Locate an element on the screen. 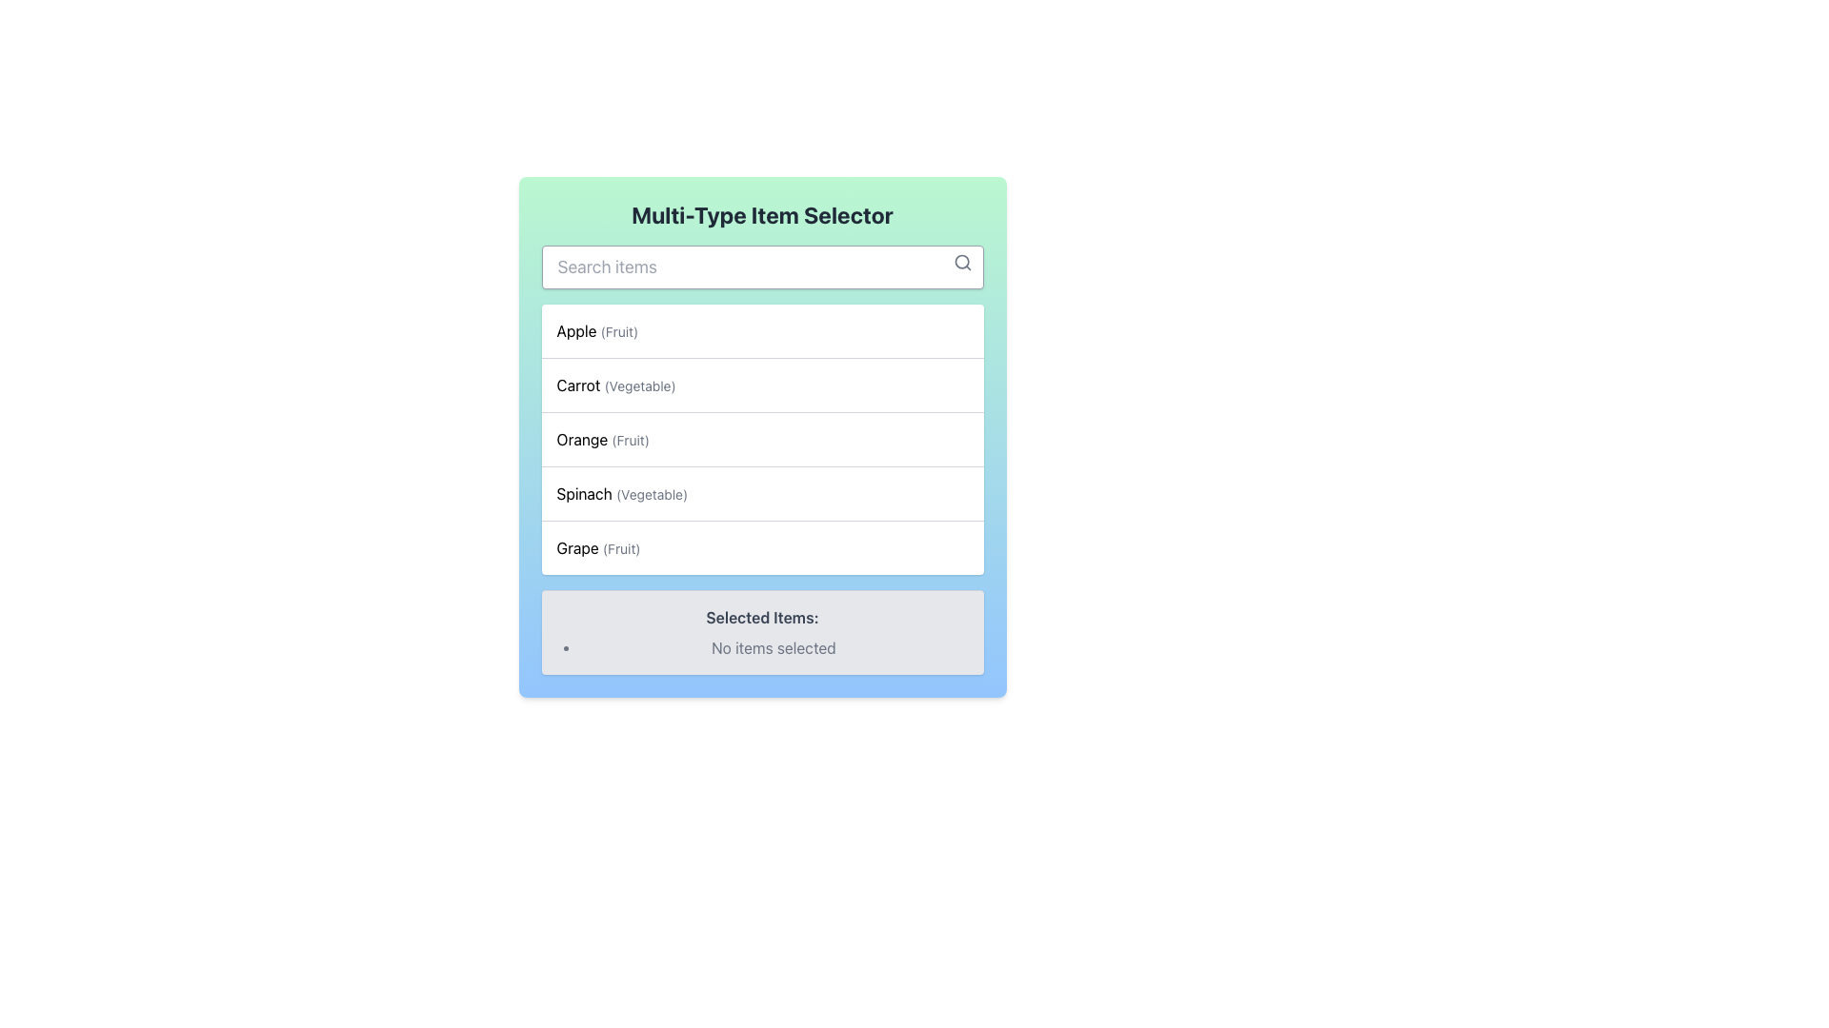  to select the first item in the list labeled 'Apple (Fruit)' located below the search bar is located at coordinates (762, 329).